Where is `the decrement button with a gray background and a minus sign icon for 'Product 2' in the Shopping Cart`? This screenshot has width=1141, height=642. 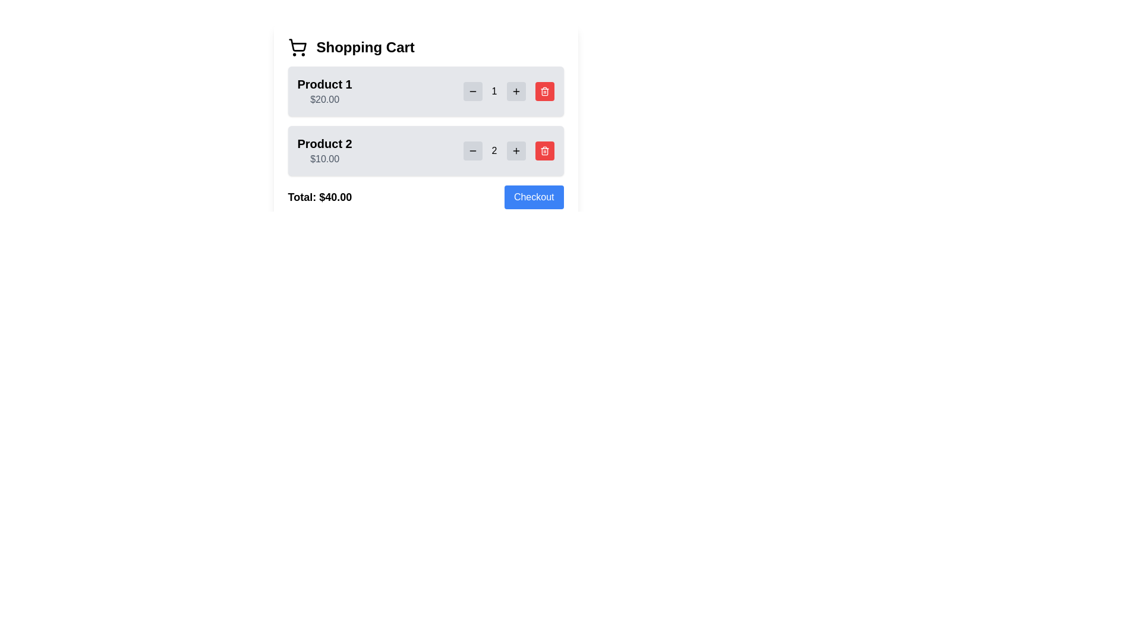 the decrement button with a gray background and a minus sign icon for 'Product 2' in the Shopping Cart is located at coordinates (472, 150).